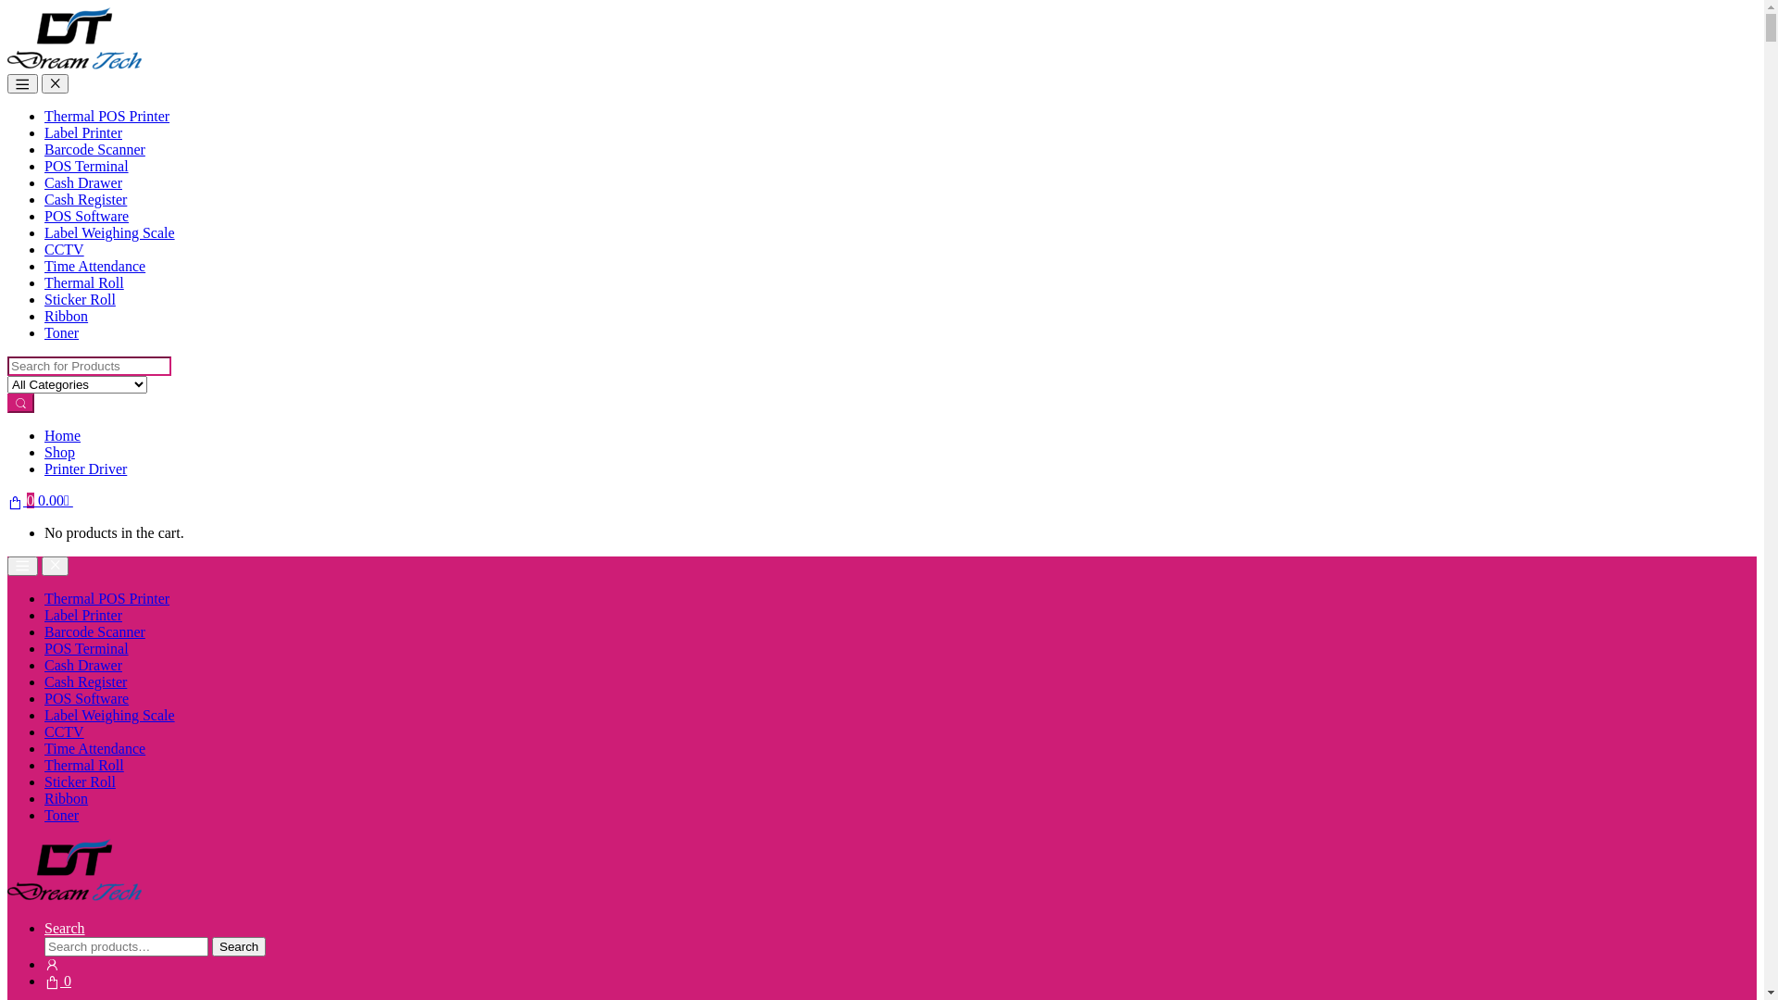 Image resolution: width=1778 pixels, height=1000 pixels. What do you see at coordinates (66, 797) in the screenshot?
I see `'Ribbon'` at bounding box center [66, 797].